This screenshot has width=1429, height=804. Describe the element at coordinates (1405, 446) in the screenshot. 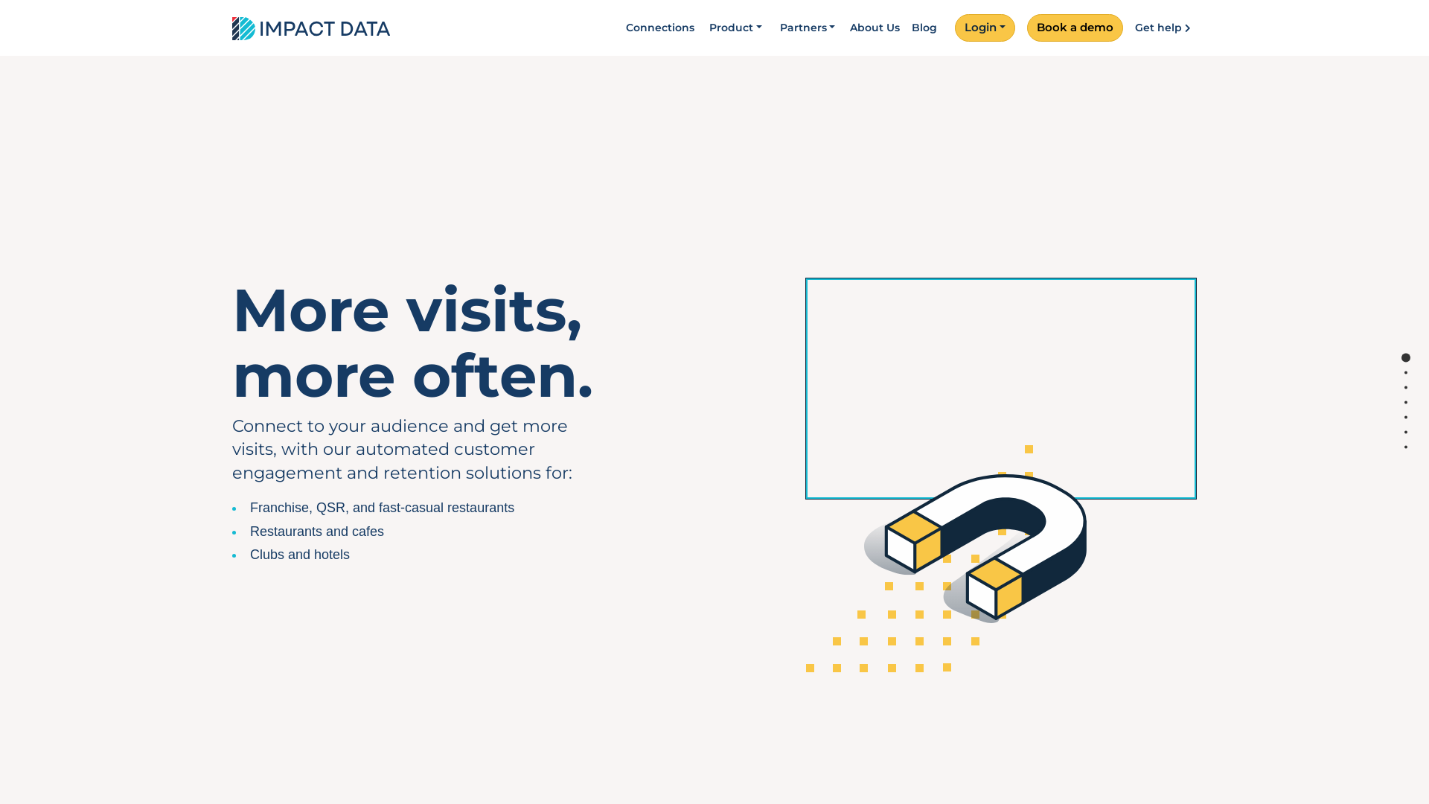

I see `'Section 7'` at that location.